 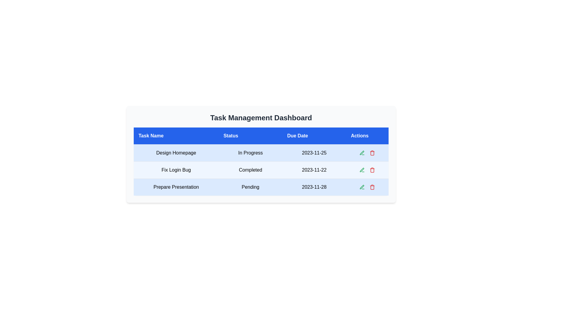 I want to click on the 'Due Date' text for the task 'Fix Login Bug' located in the third column of the second row of the table, so click(x=314, y=170).